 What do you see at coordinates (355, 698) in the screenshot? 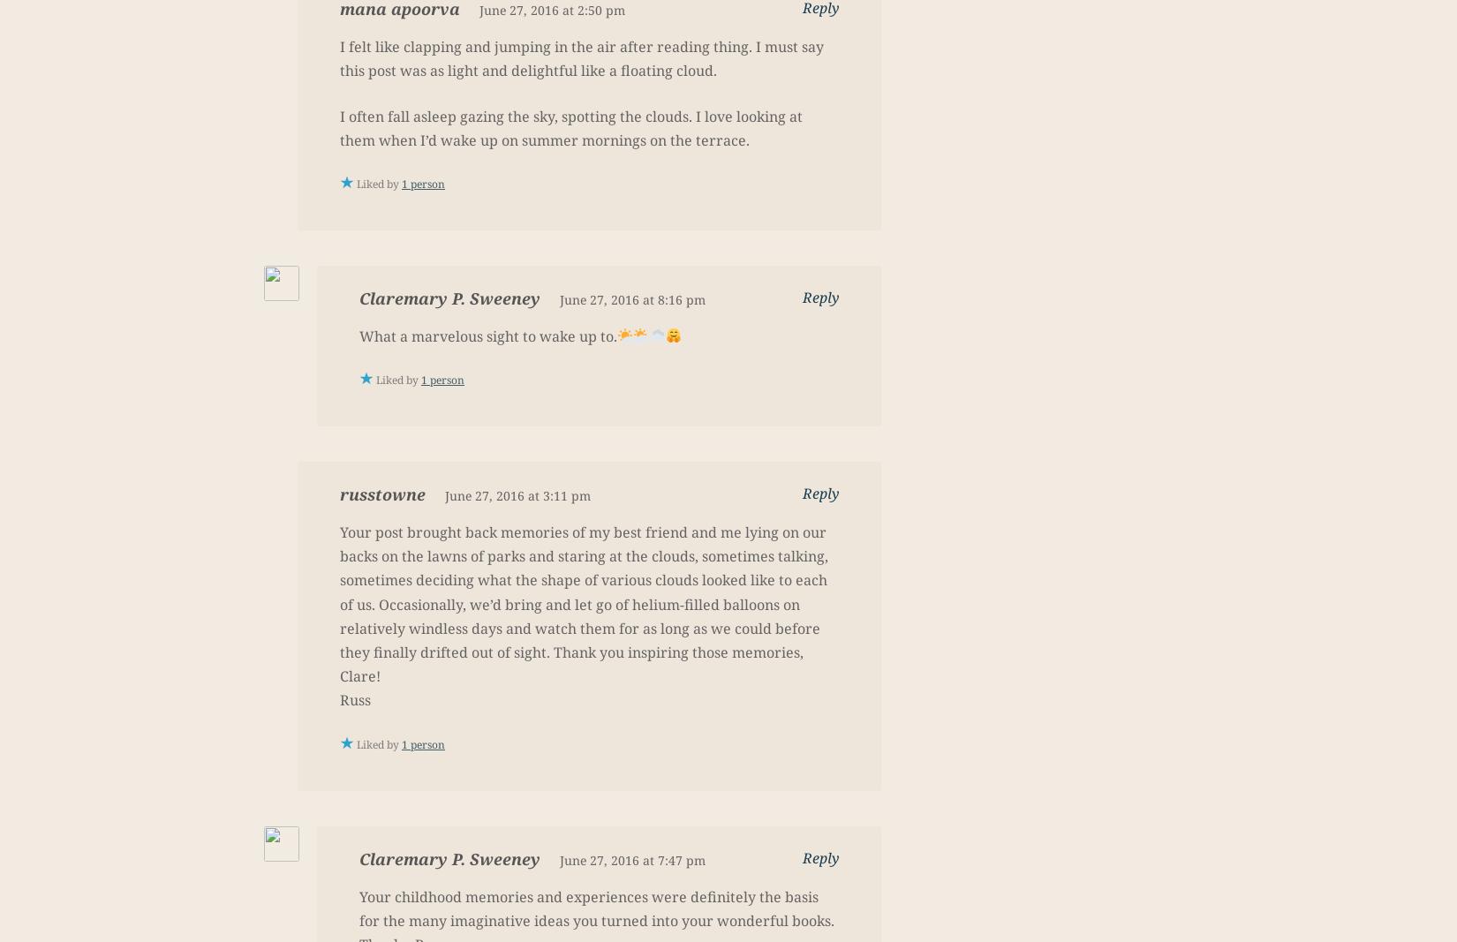
I see `'Russ'` at bounding box center [355, 698].